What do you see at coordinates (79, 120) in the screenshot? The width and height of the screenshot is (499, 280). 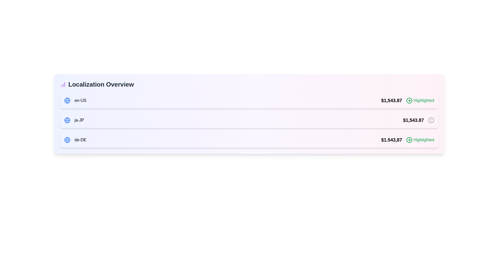 I see `the text label displaying 'ja-JP' located in the second row of the 'Localization Overview' section, adjacent to the globe icon, for inspection` at bounding box center [79, 120].